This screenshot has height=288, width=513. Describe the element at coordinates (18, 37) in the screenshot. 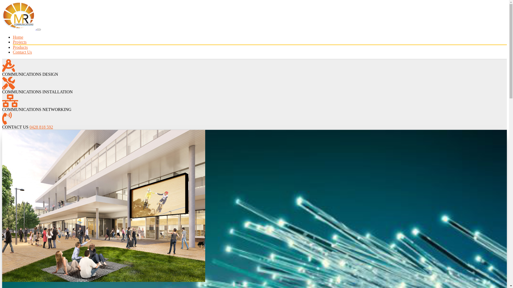

I see `'Home'` at that location.